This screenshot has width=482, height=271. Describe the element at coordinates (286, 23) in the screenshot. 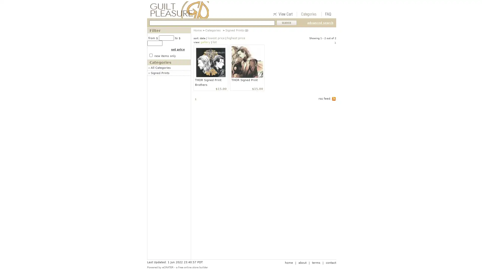

I see `Submit` at that location.